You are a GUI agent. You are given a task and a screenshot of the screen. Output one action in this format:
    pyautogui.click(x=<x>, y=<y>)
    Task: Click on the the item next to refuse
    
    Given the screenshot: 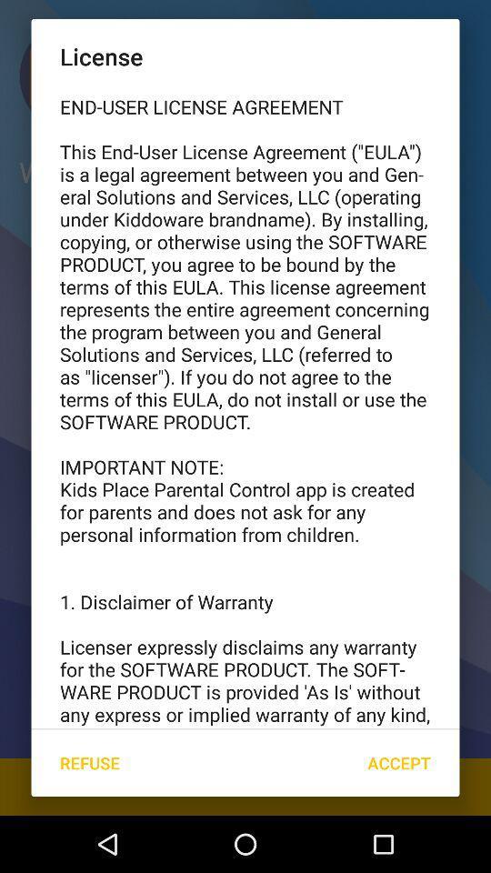 What is the action you would take?
    pyautogui.click(x=398, y=763)
    